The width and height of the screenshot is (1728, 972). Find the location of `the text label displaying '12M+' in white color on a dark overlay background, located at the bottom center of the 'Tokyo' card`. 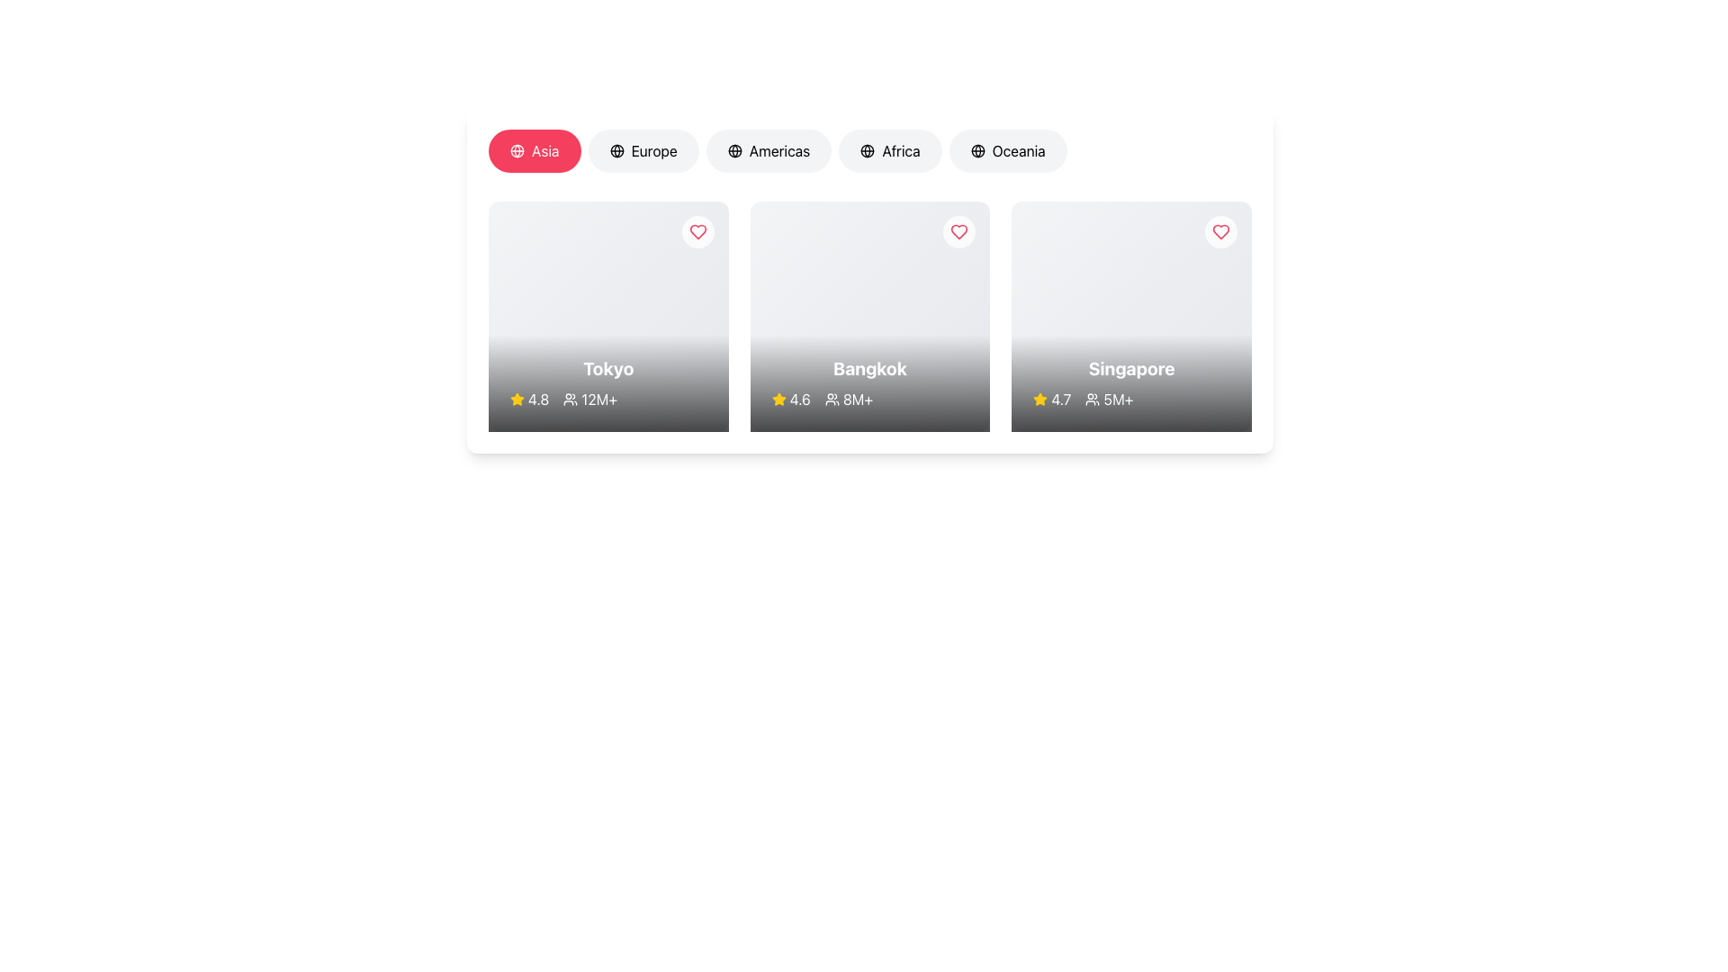

the text label displaying '12M+' in white color on a dark overlay background, located at the bottom center of the 'Tokyo' card is located at coordinates (599, 398).